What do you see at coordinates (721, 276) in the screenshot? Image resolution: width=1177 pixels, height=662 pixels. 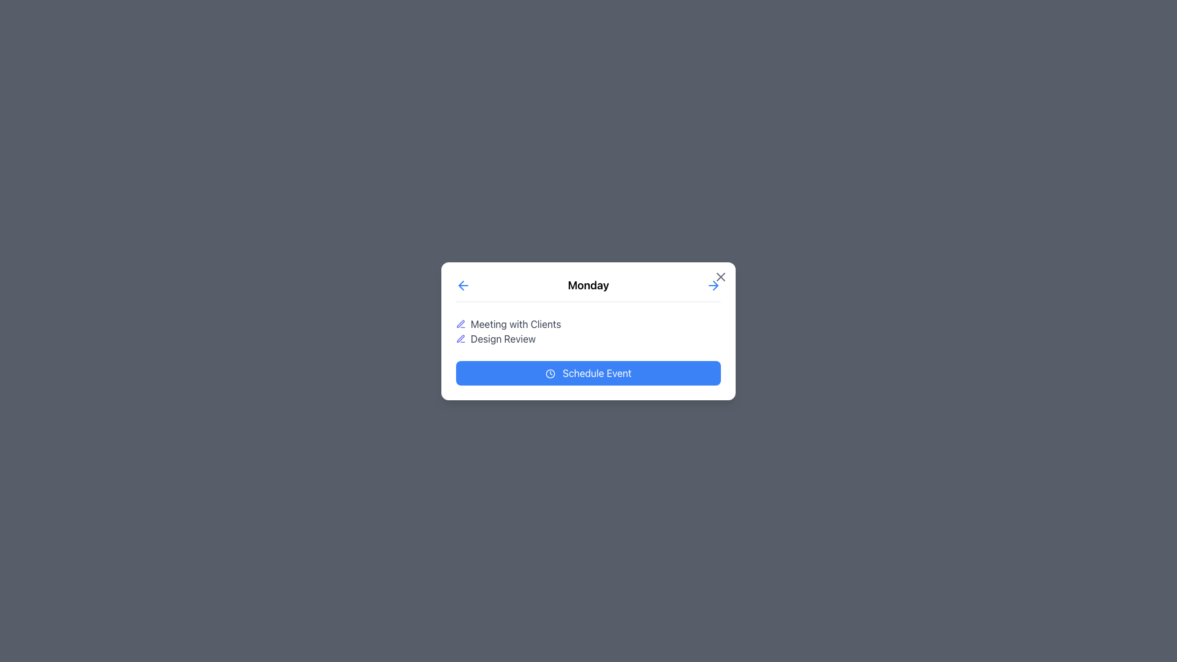 I see `the Close icon represented as a diagonal cross in the top-right corner of the white card interface` at bounding box center [721, 276].